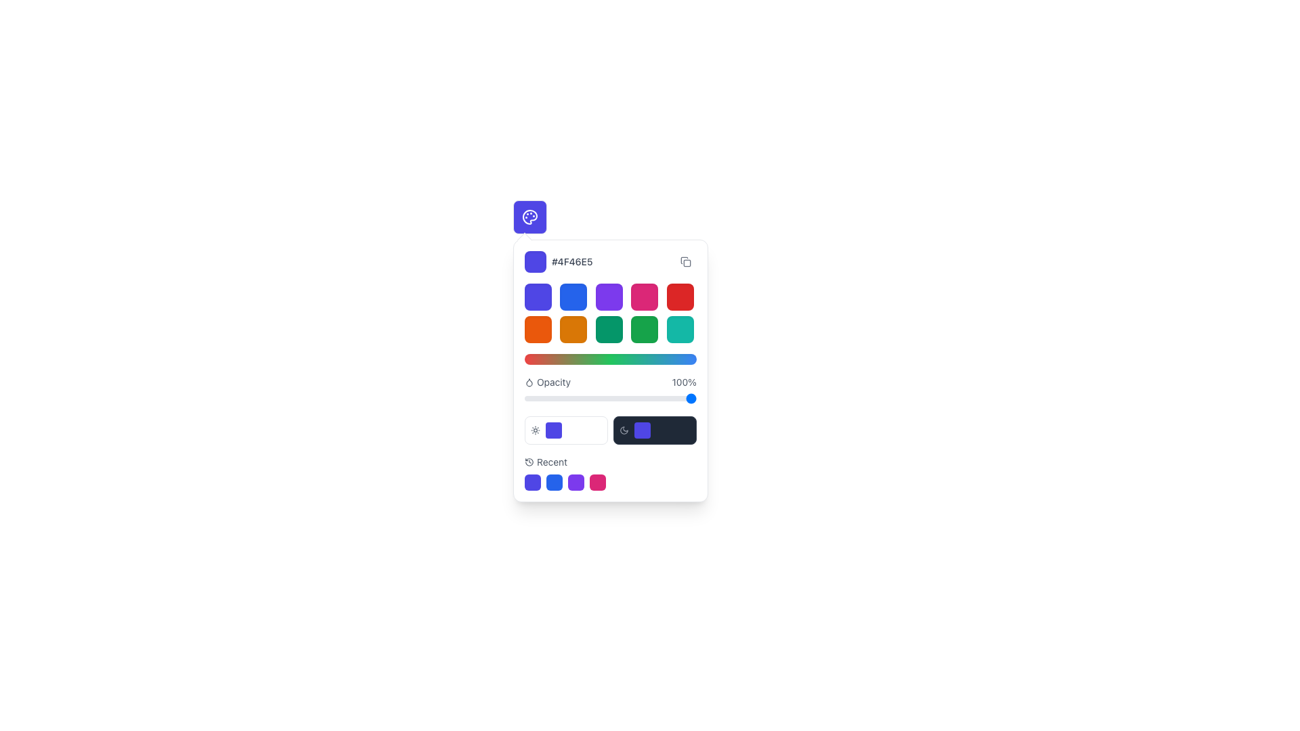  I want to click on the third clickable color selection box in the 'Recent' dropdown panel, so click(576, 482).